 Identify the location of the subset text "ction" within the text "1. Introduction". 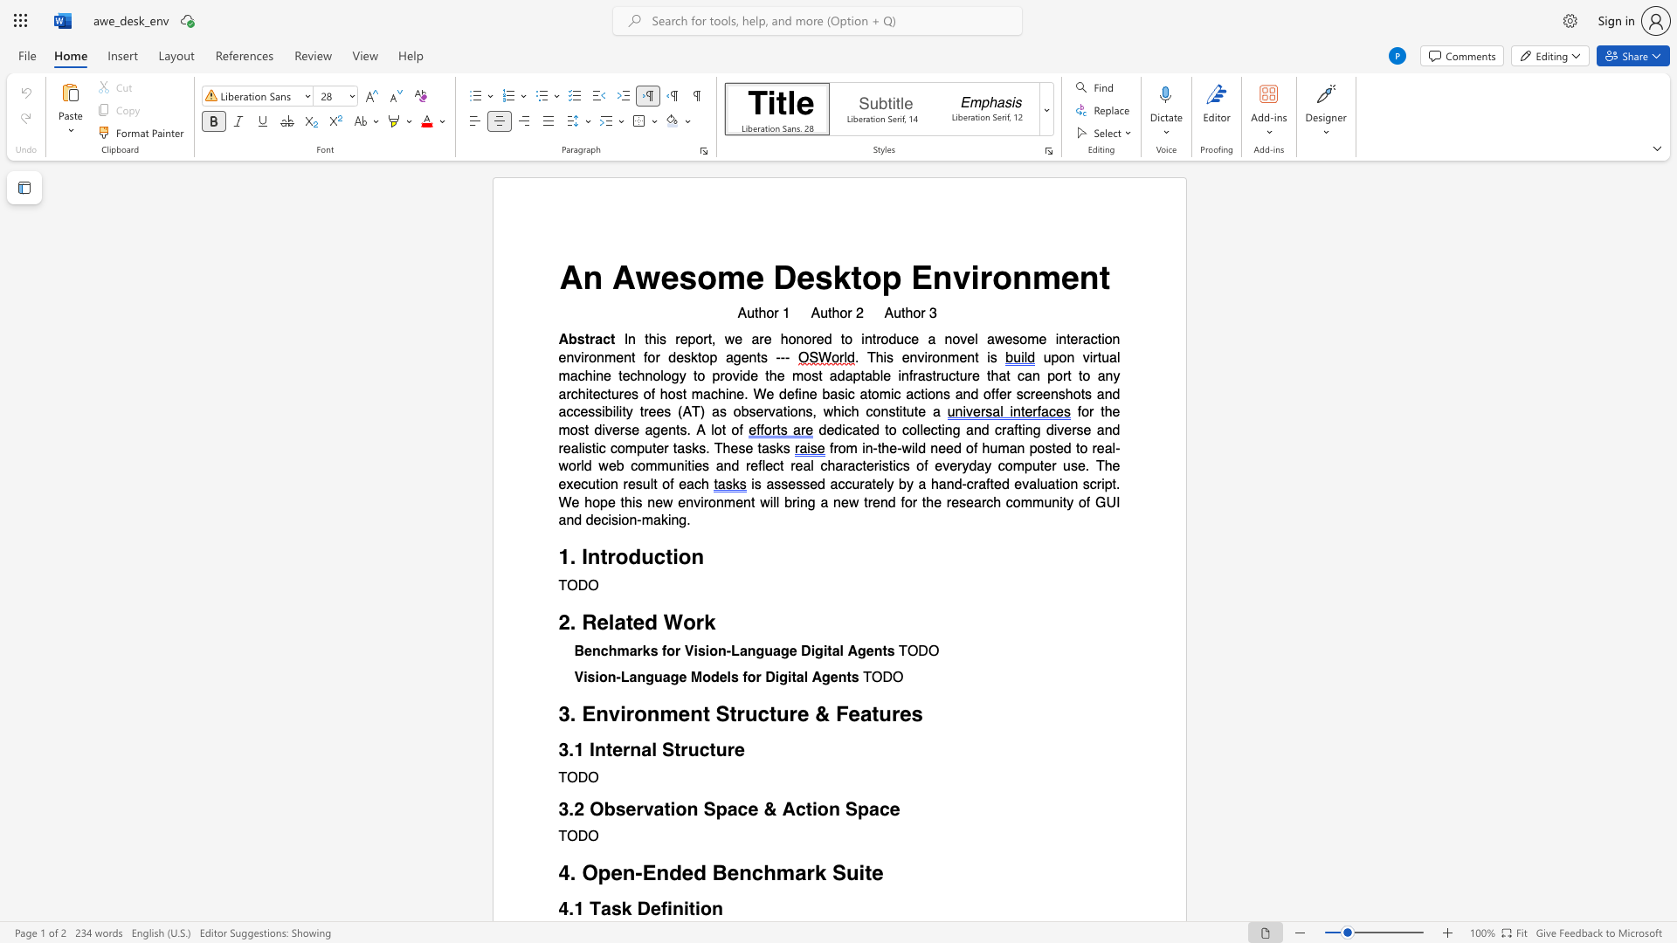
(652, 557).